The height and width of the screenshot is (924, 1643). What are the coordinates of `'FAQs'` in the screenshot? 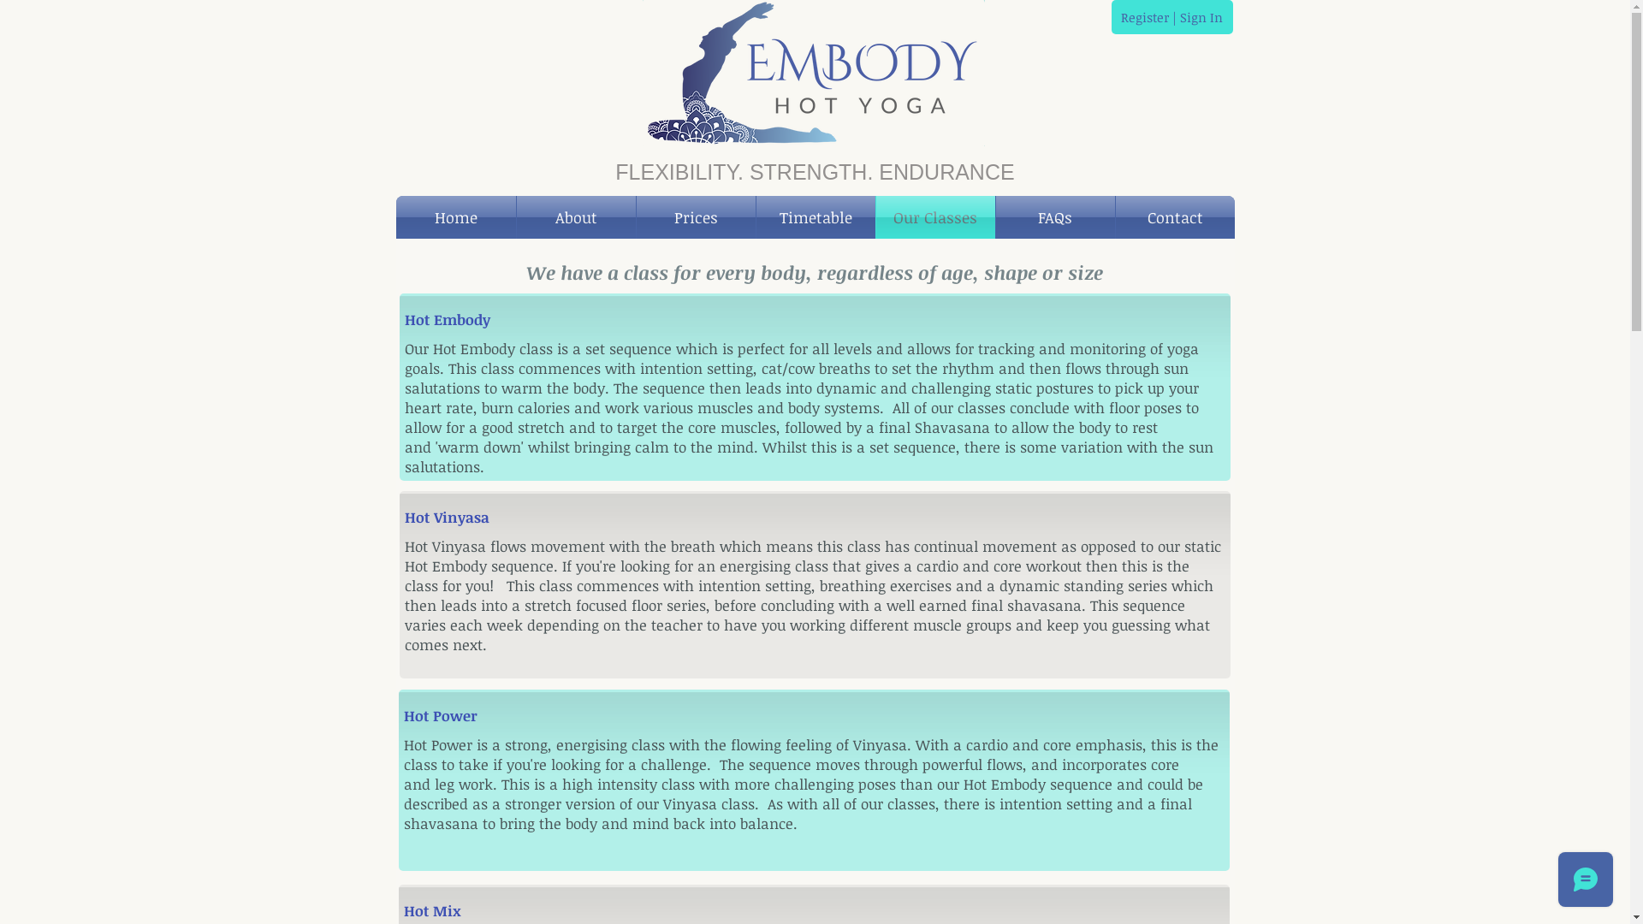 It's located at (995, 216).